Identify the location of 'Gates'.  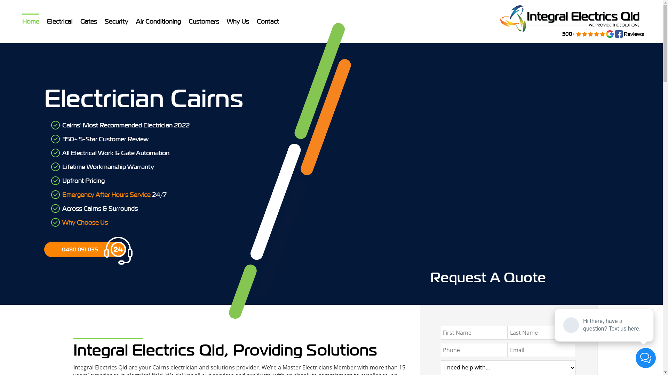
(88, 21).